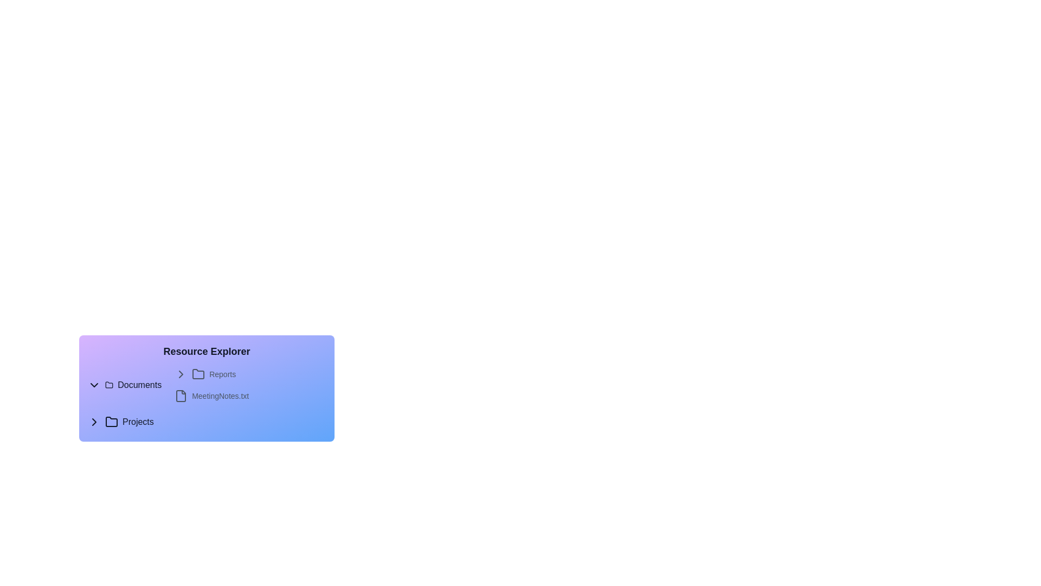 Image resolution: width=1041 pixels, height=586 pixels. What do you see at coordinates (207, 422) in the screenshot?
I see `the 'Projects' folder item in the file explorer` at bounding box center [207, 422].